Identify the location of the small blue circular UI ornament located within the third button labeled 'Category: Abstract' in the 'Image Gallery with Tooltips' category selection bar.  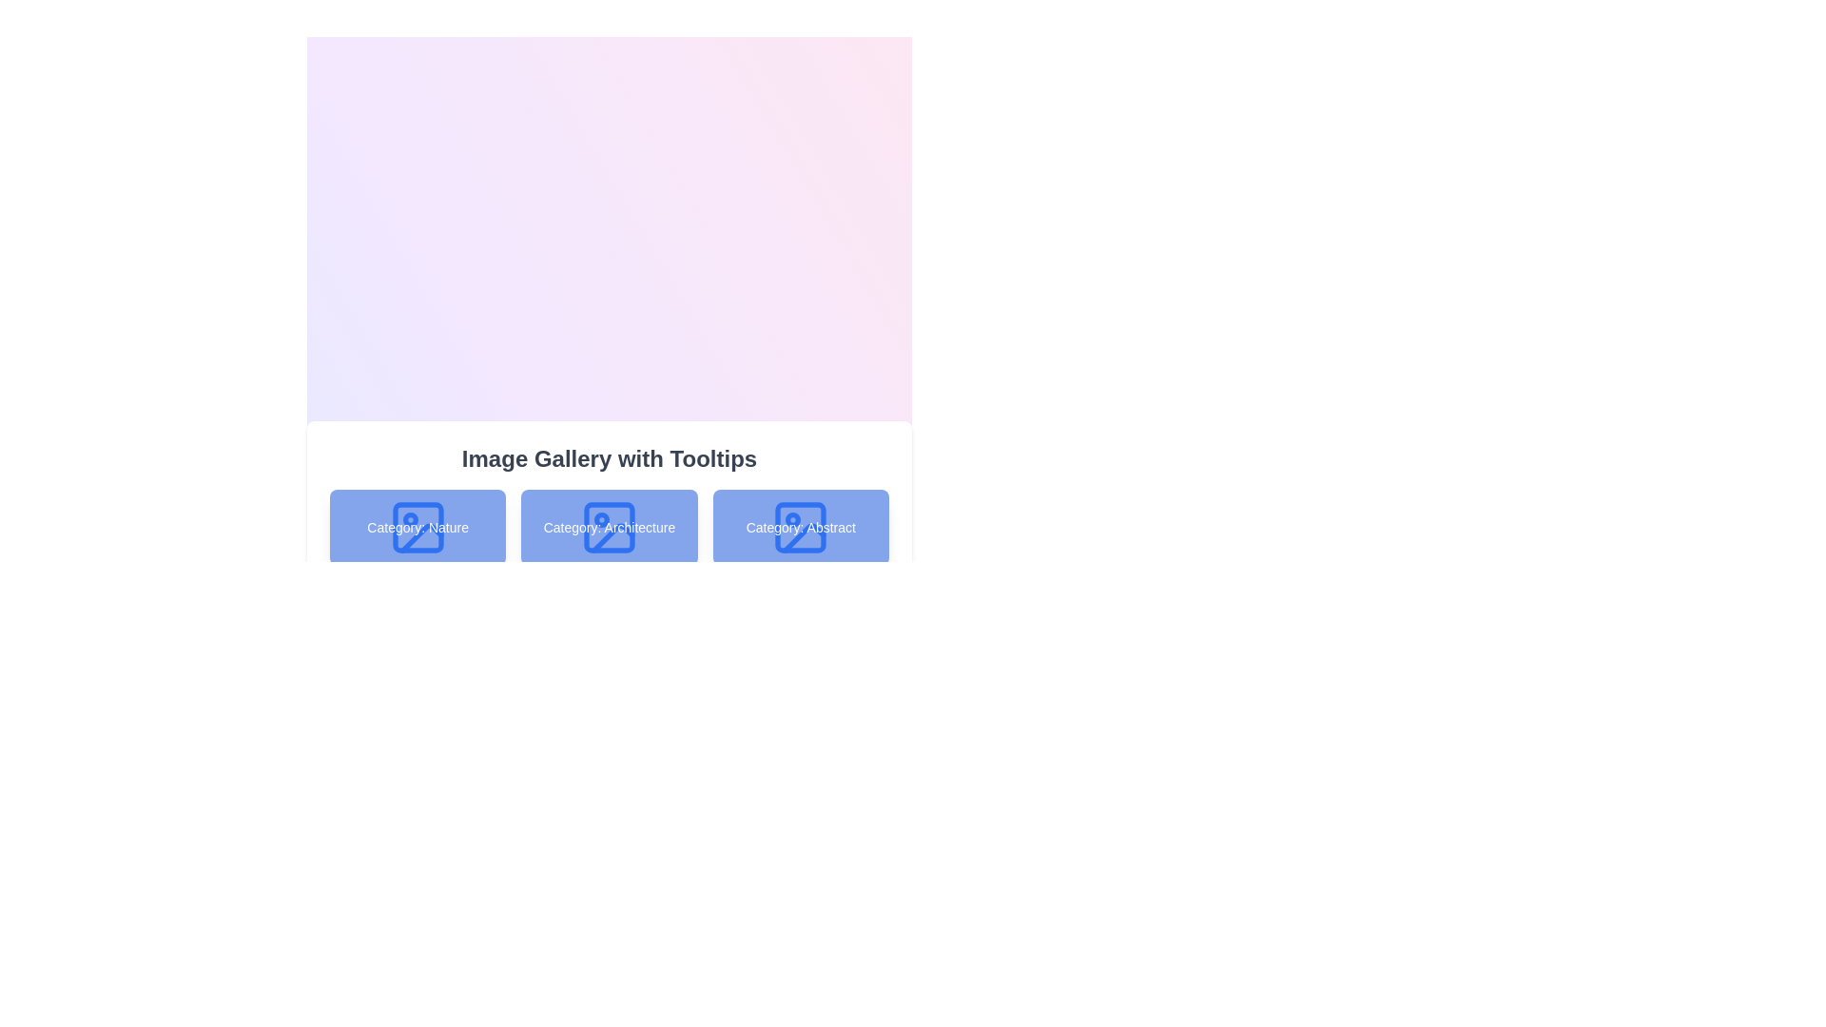
(793, 520).